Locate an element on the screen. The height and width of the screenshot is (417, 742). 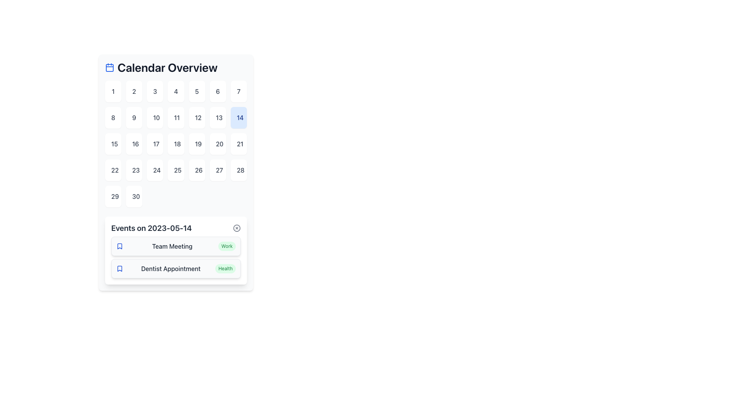
the square-shaped button labeled '4' with a dark number on a white background, located is located at coordinates (175, 91).